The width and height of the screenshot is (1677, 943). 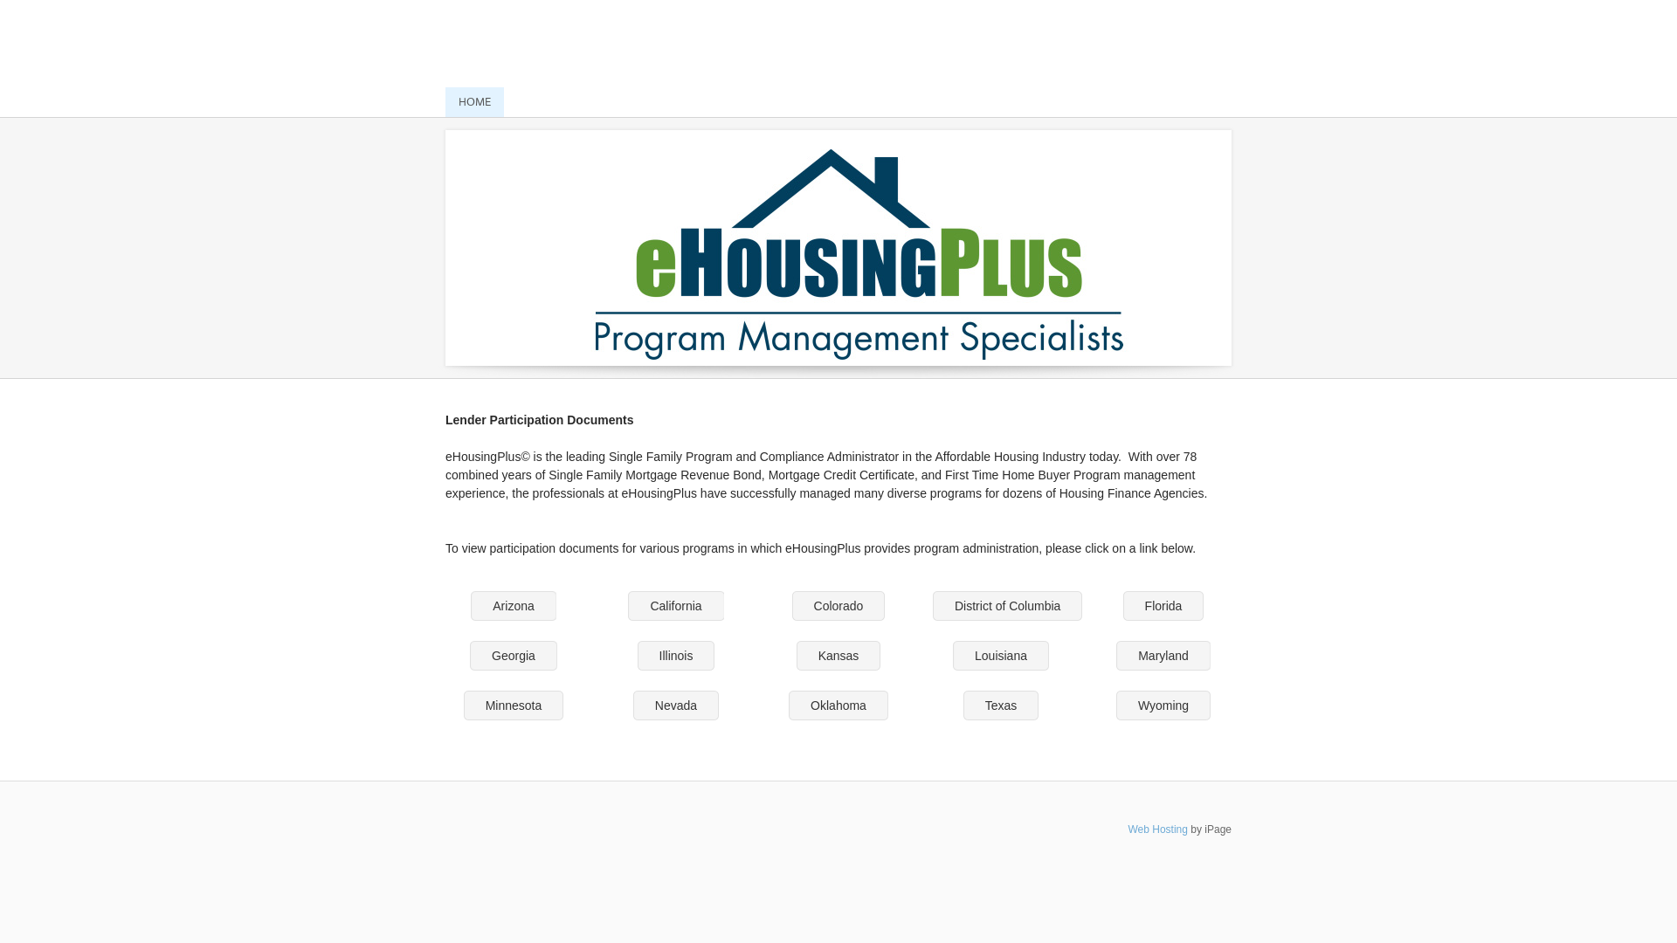 I want to click on 'Oklahoma', so click(x=787, y=704).